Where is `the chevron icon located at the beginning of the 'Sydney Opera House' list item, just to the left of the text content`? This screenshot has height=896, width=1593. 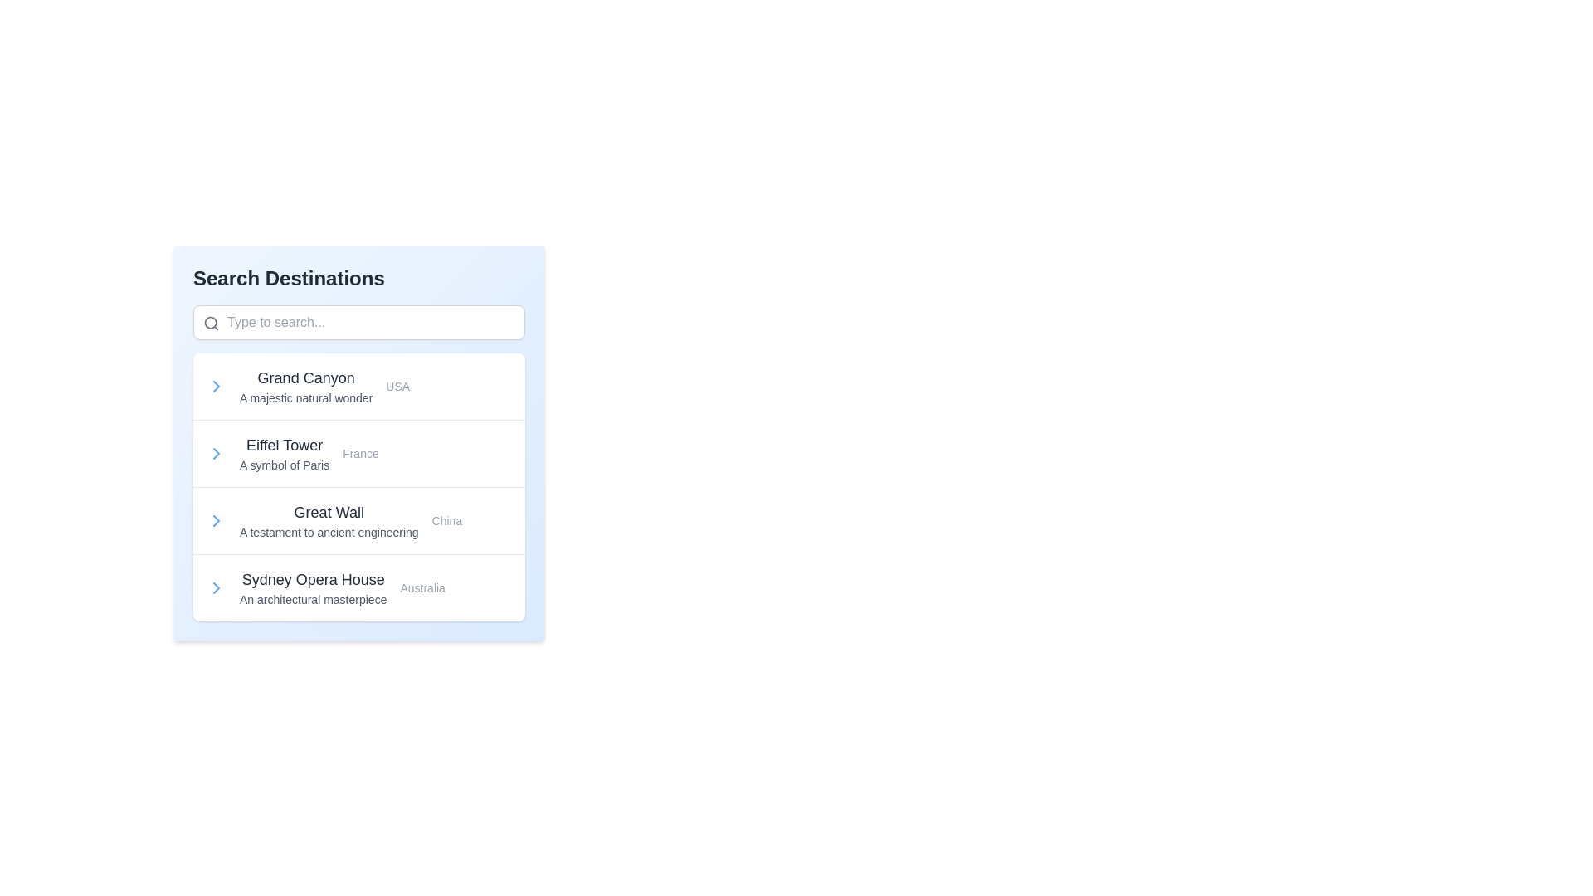 the chevron icon located at the beginning of the 'Sydney Opera House' list item, just to the left of the text content is located at coordinates (215, 587).